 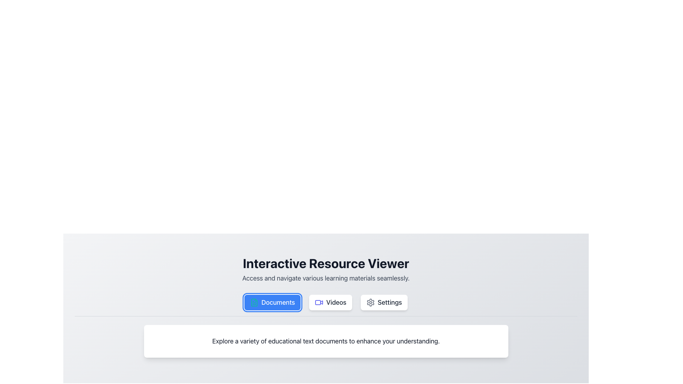 What do you see at coordinates (325, 305) in the screenshot?
I see `the Navigation Menu element, which contains the buttons labeled 'Documents', 'Videos', and 'Settings'` at bounding box center [325, 305].